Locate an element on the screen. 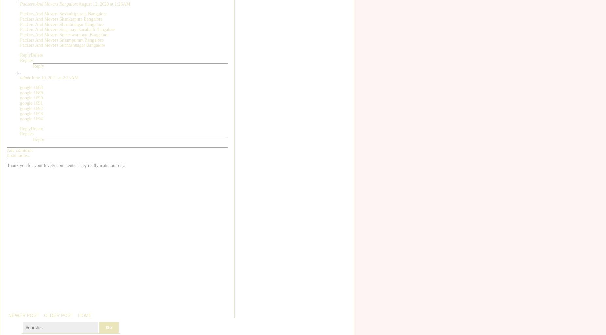 Image resolution: width=606 pixels, height=335 pixels. 'Home' is located at coordinates (85, 315).